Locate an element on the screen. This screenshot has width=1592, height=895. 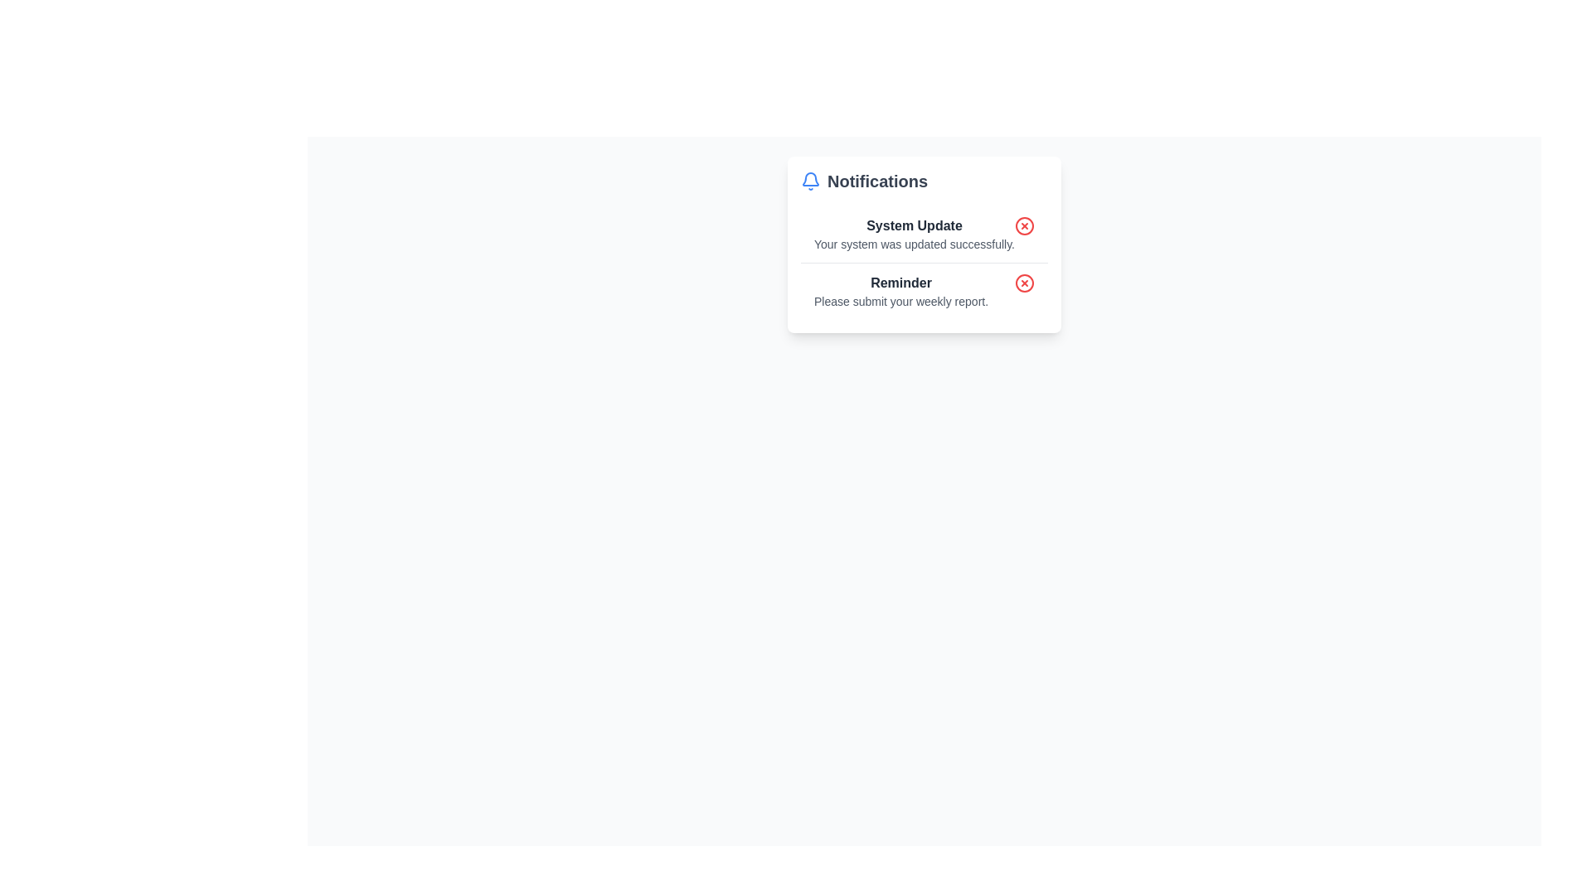
information presented in the 'System Update' text block located under the 'Notifications' header is located at coordinates (914, 234).